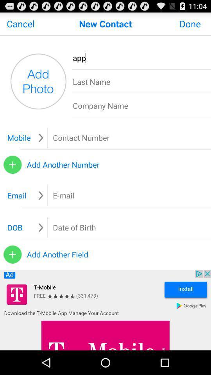 The height and width of the screenshot is (375, 211). I want to click on mobile contact number, so click(98, 137).